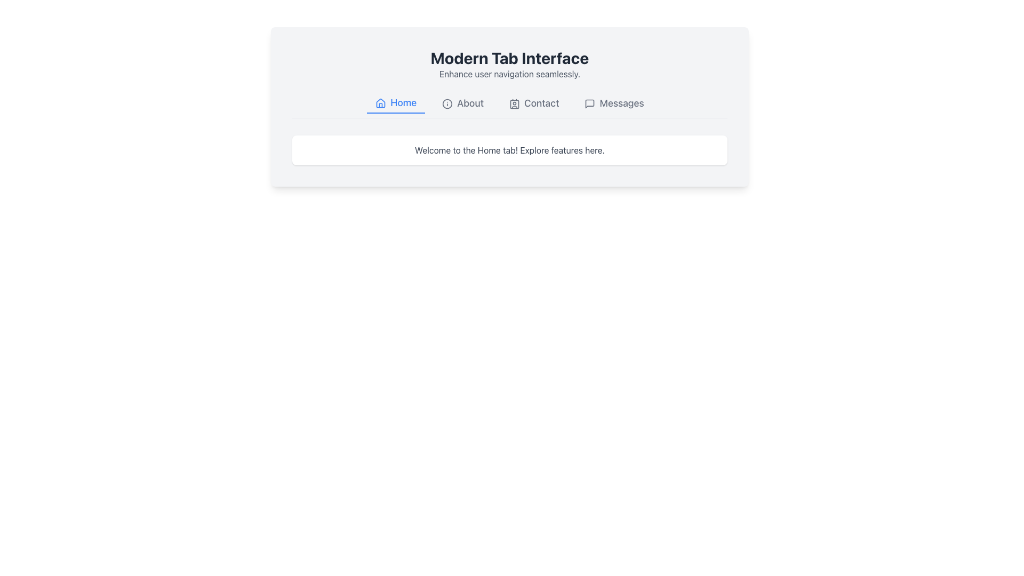 The image size is (1024, 576). I want to click on the SVG house icon representing the 'Home' navigation tab, located to the left of the 'Home' label in the navigation bar, so click(381, 103).